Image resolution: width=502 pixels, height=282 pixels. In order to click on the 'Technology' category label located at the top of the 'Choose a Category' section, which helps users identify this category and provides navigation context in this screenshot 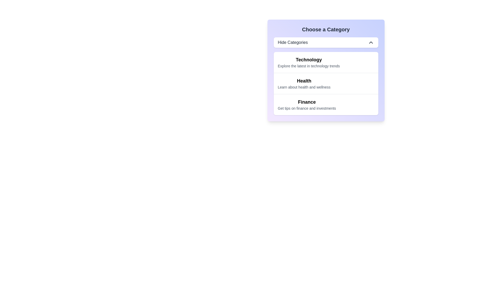, I will do `click(309, 59)`.